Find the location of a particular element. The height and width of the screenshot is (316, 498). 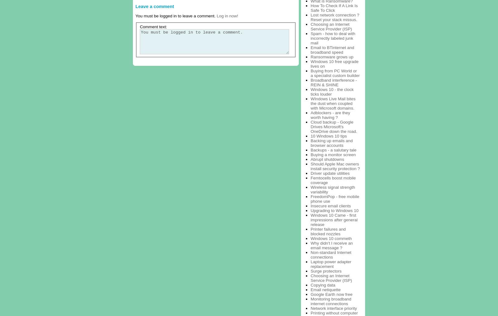

'Email to BTinternet and broadband speed' is located at coordinates (332, 50).